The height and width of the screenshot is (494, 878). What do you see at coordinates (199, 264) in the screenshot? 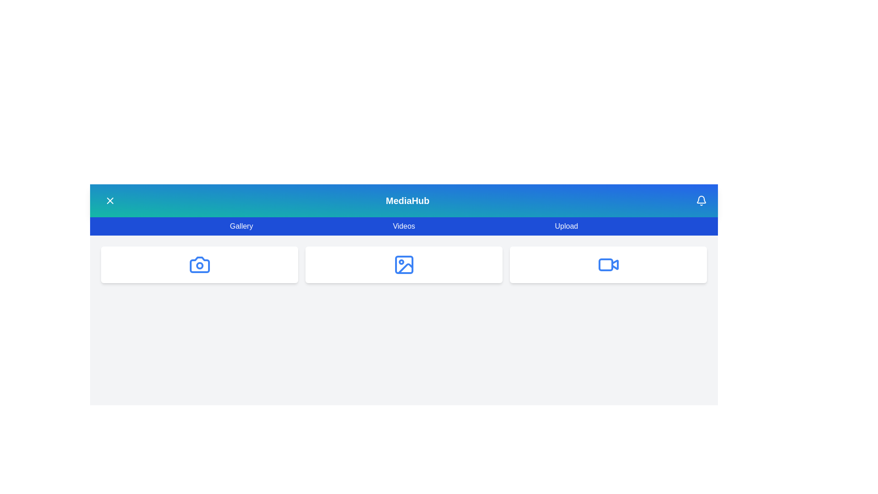
I see `the camera icon card` at bounding box center [199, 264].